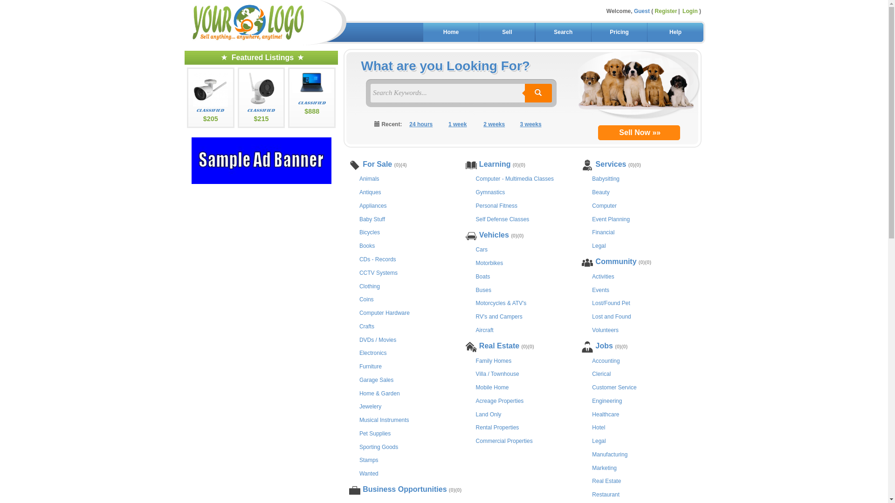 The image size is (895, 503). I want to click on 'Mobile Home', so click(492, 387).